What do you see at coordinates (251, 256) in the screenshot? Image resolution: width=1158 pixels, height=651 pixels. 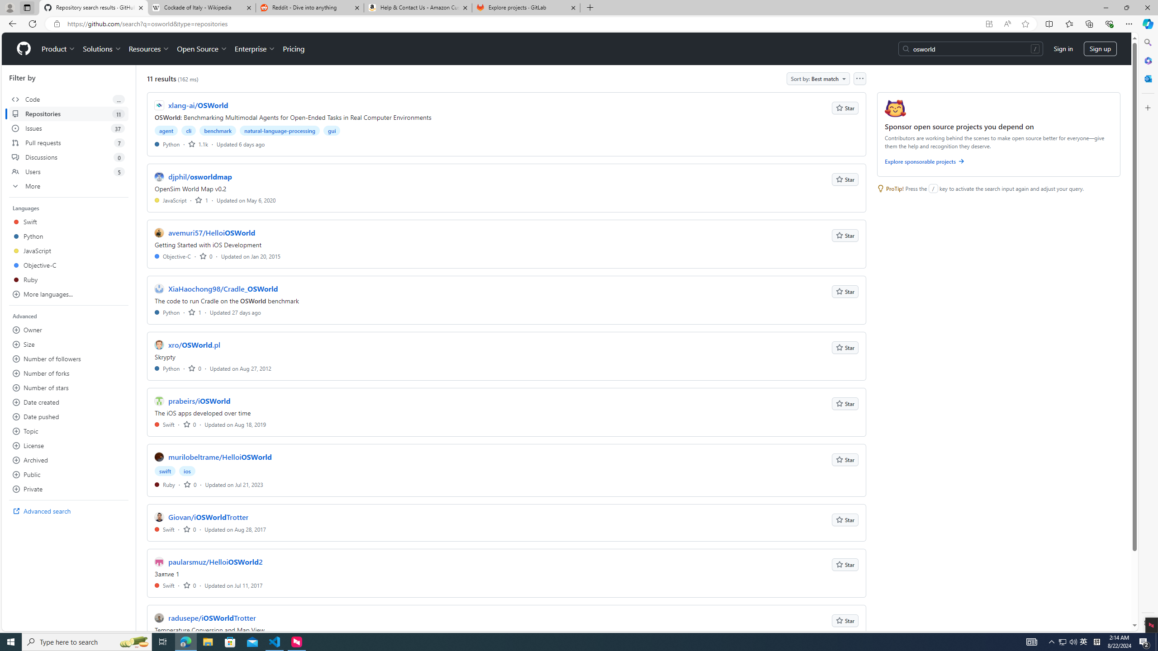 I see `'Updated on Jan 20, 2015'` at bounding box center [251, 256].